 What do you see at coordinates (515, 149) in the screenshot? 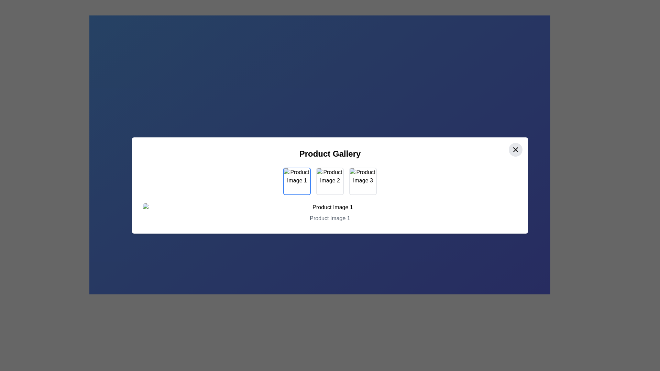
I see `the close button located in the top-right corner of the 'Product Gallery' modal dialog` at bounding box center [515, 149].